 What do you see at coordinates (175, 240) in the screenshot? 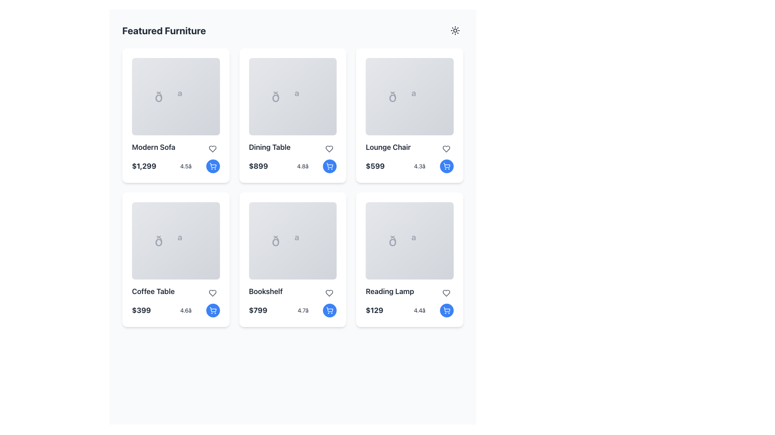
I see `the decorative text component representing the 'Coffee Table' card, which is centered in the upper graphical portion of the card` at bounding box center [175, 240].